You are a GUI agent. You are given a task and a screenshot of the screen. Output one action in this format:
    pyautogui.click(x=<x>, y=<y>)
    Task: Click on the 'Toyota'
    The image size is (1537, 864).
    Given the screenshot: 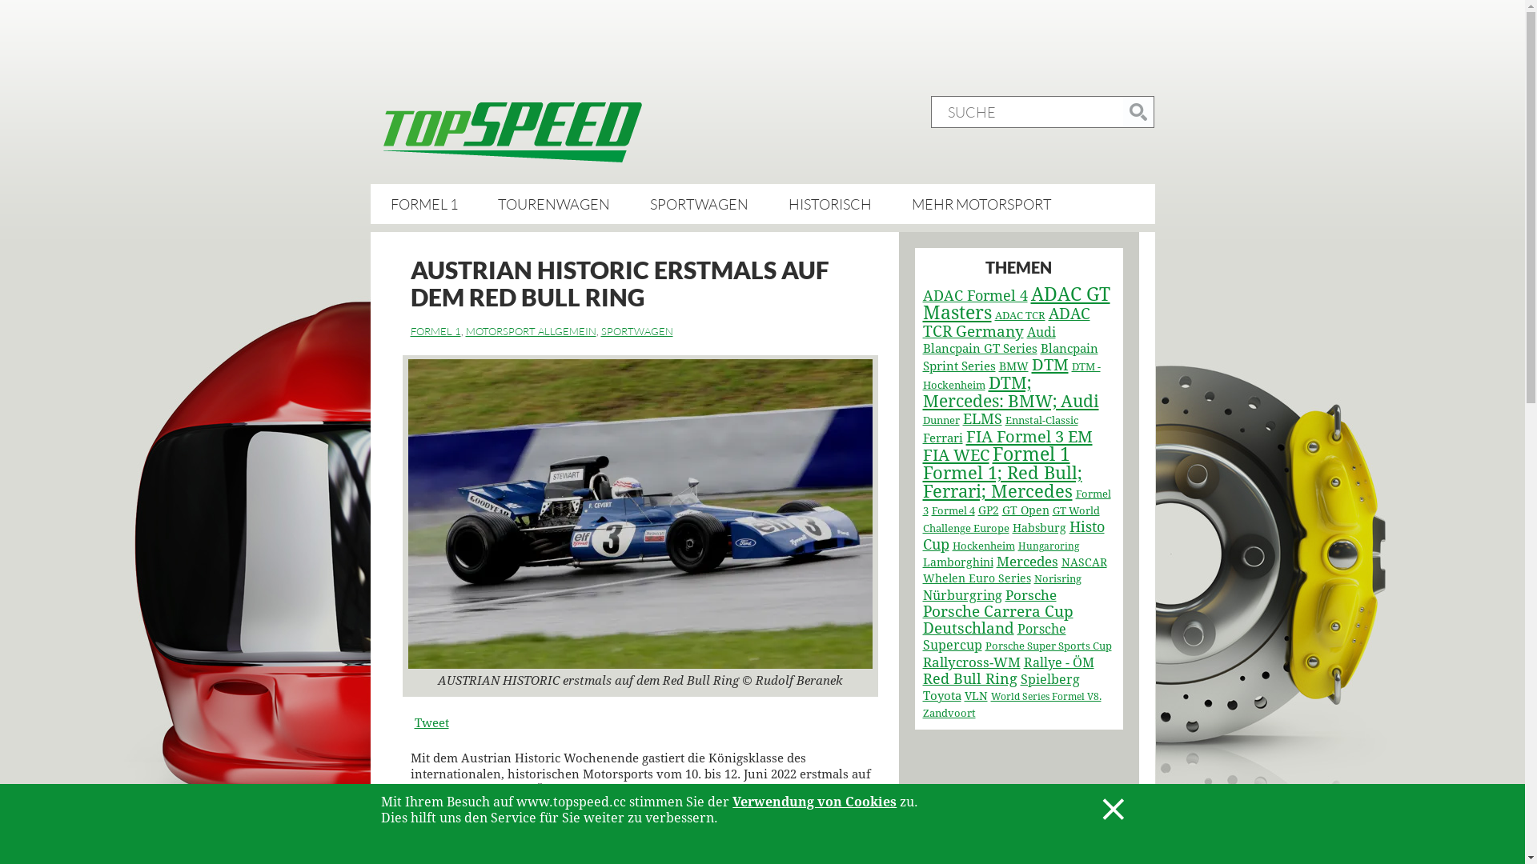 What is the action you would take?
    pyautogui.click(x=941, y=695)
    